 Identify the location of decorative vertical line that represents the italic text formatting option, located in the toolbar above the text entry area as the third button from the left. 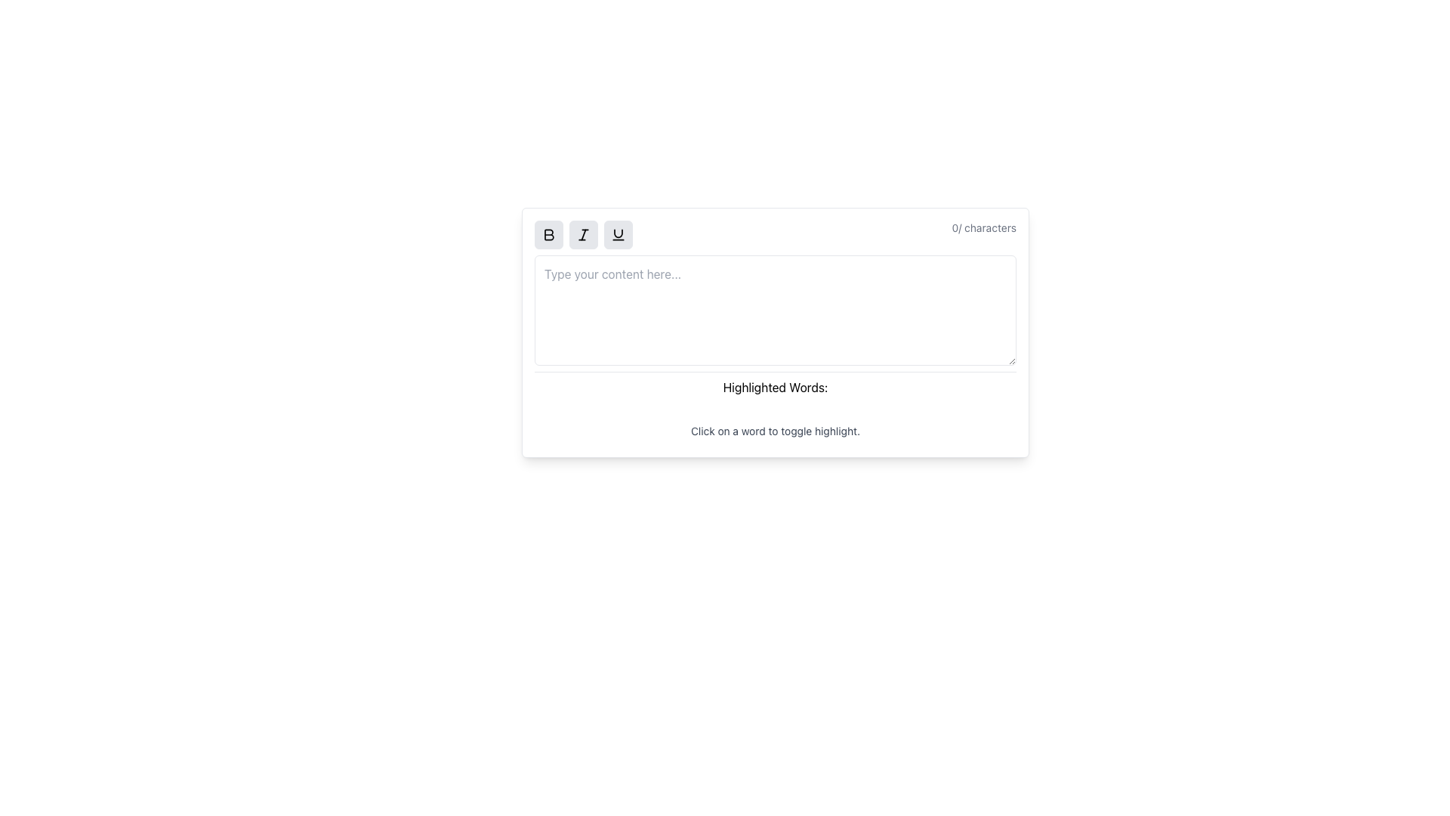
(582, 235).